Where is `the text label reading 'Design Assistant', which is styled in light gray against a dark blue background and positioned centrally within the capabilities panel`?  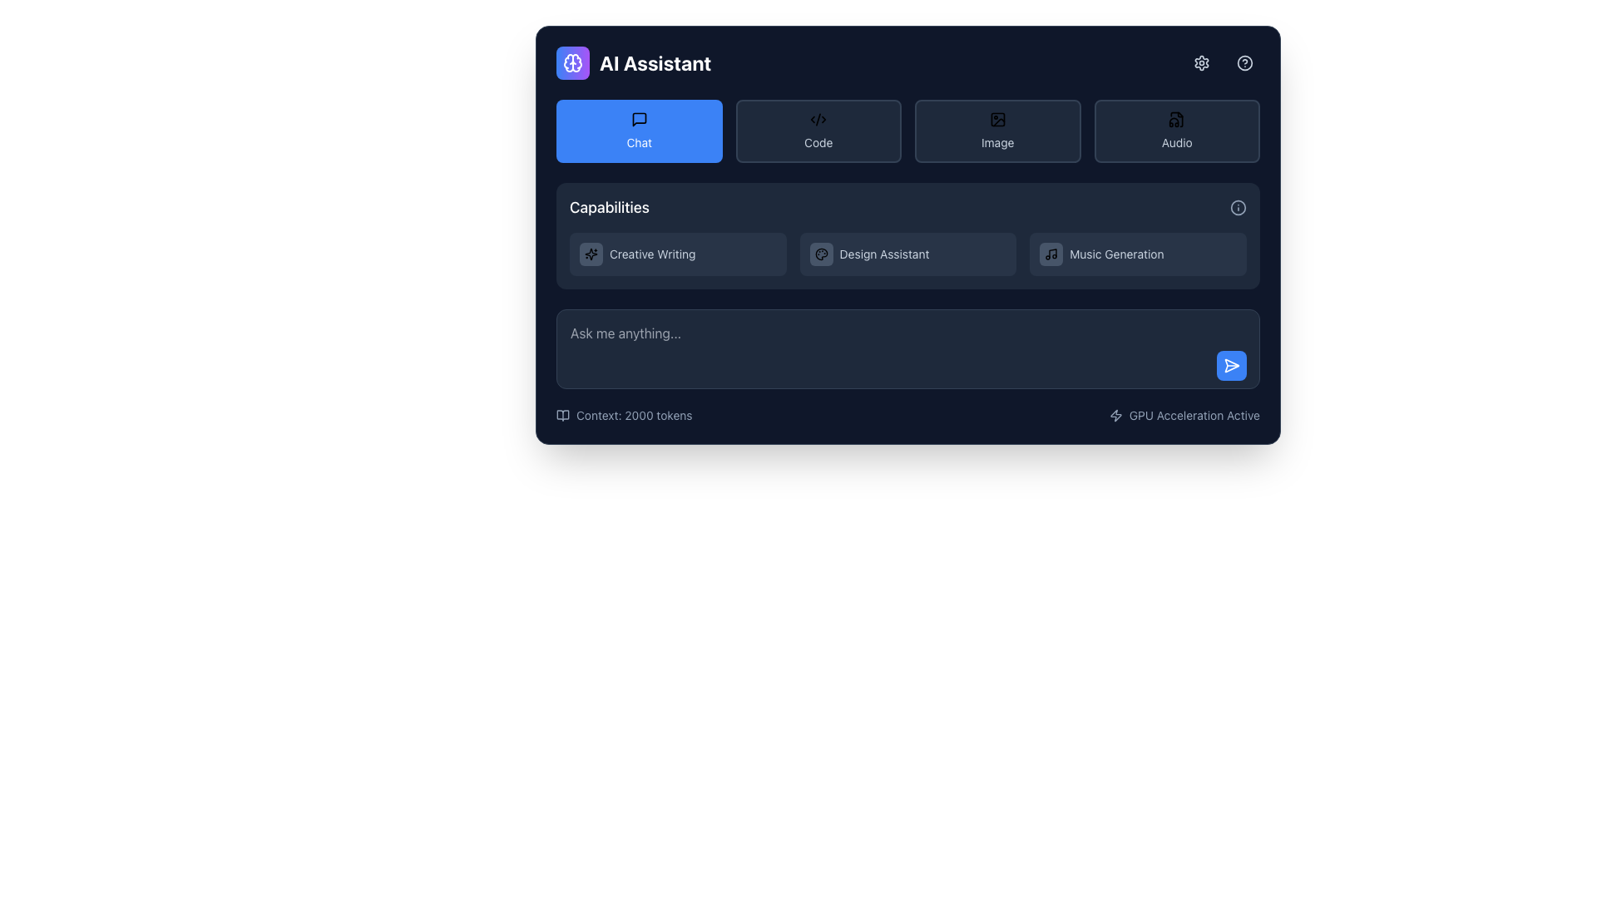
the text label reading 'Design Assistant', which is styled in light gray against a dark blue background and positioned centrally within the capabilities panel is located at coordinates (883, 254).